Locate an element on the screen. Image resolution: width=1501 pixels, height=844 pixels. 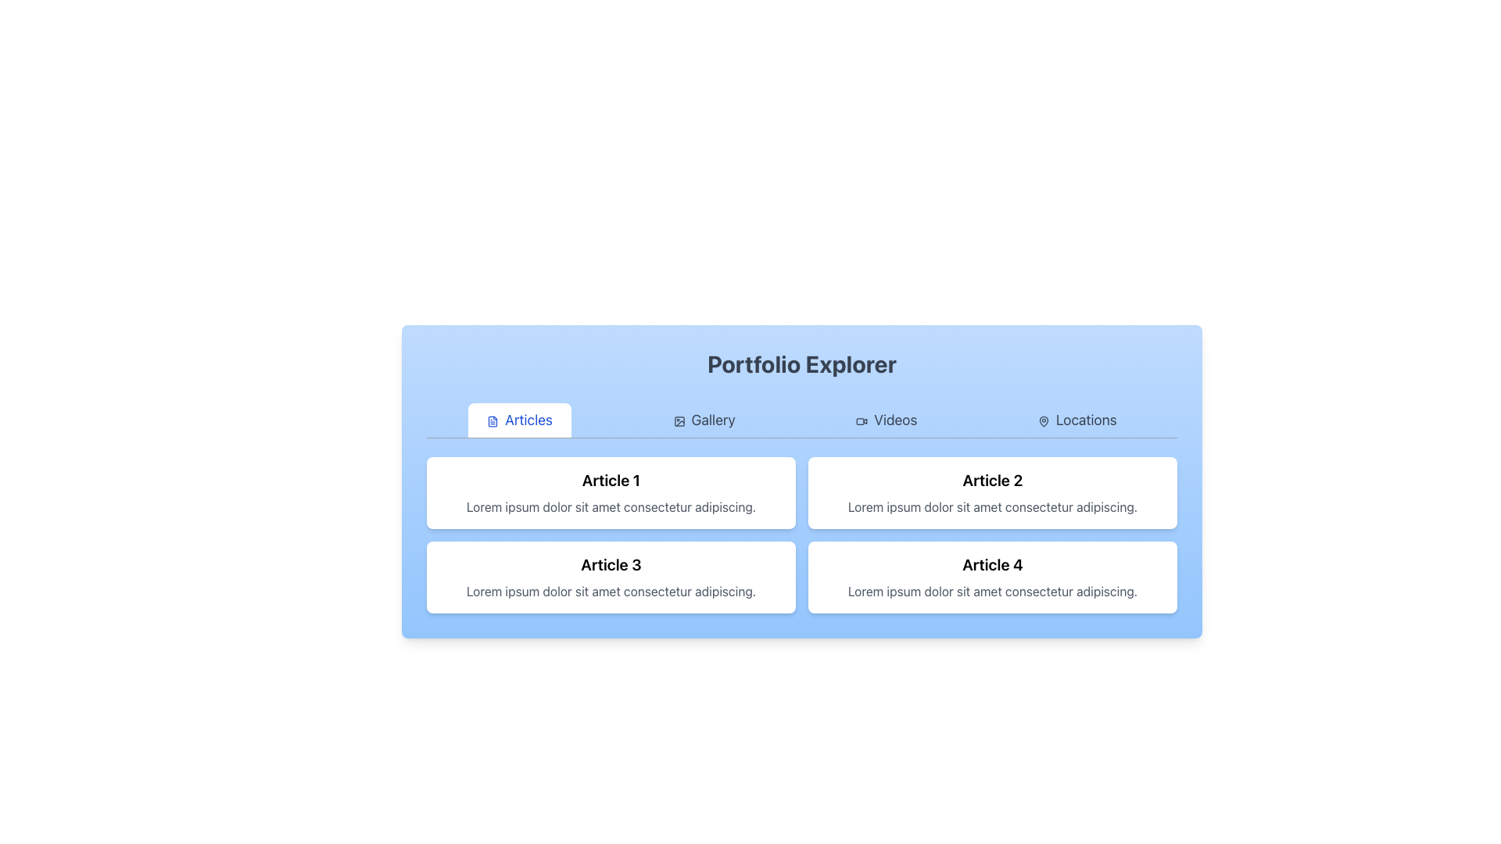
the first tab of the navigation bar is located at coordinates (520, 419).